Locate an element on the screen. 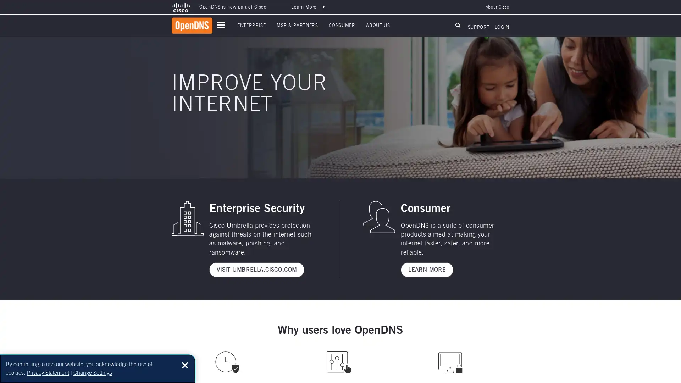 This screenshot has width=681, height=383. open main navigation is located at coordinates (221, 24).